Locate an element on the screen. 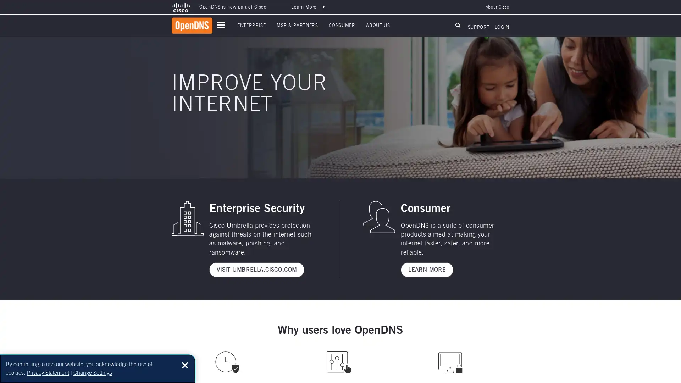 This screenshot has width=681, height=383. open main navigation is located at coordinates (221, 24).